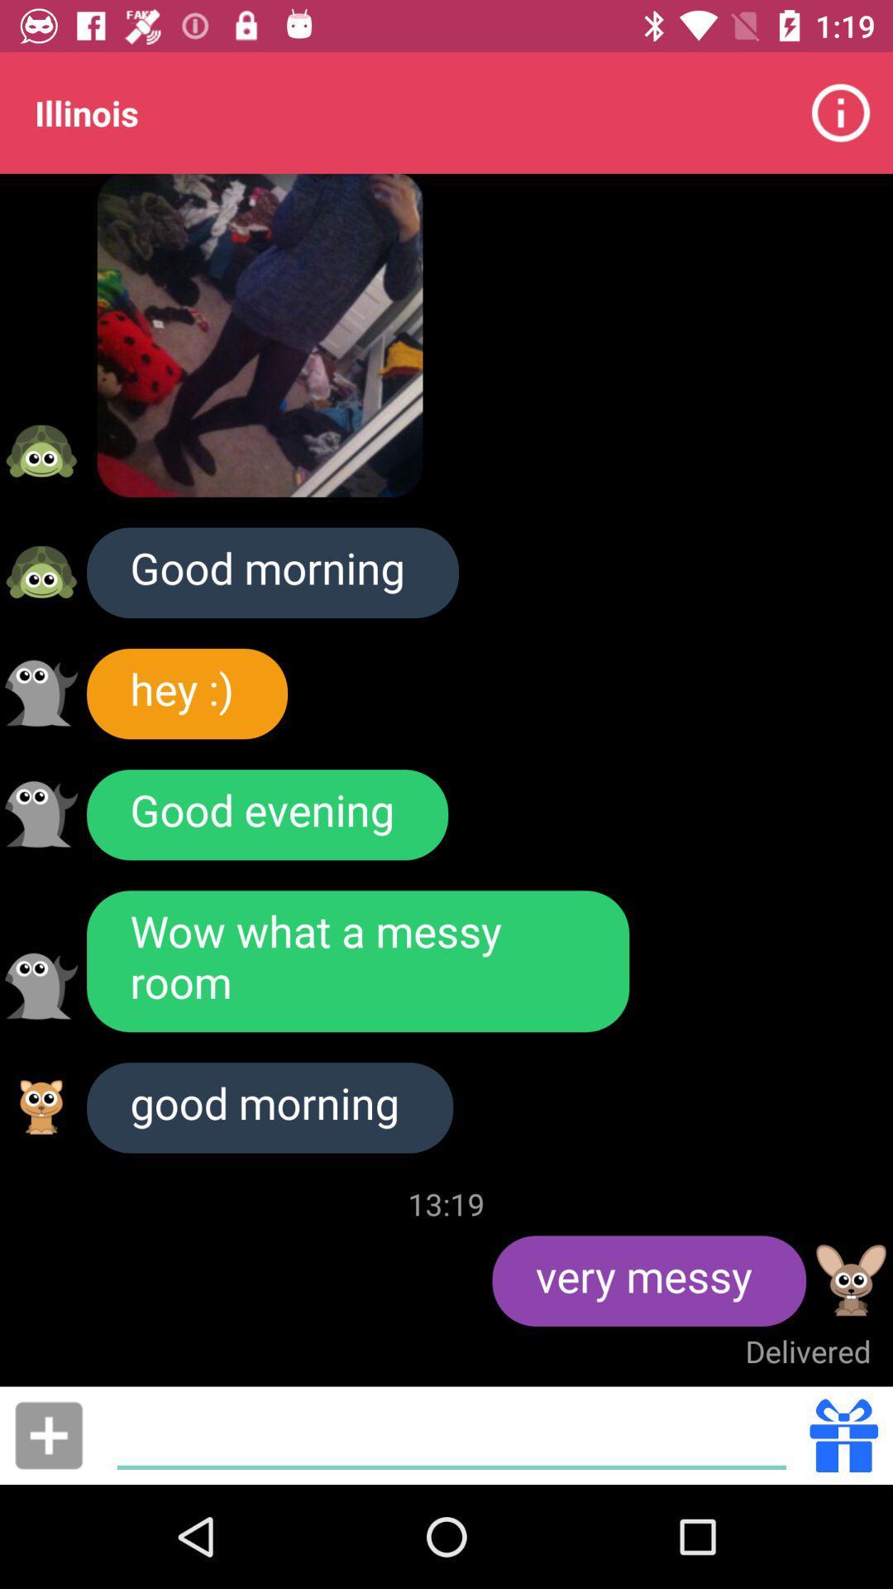 This screenshot has width=893, height=1589. Describe the element at coordinates (48, 1434) in the screenshot. I see `link` at that location.